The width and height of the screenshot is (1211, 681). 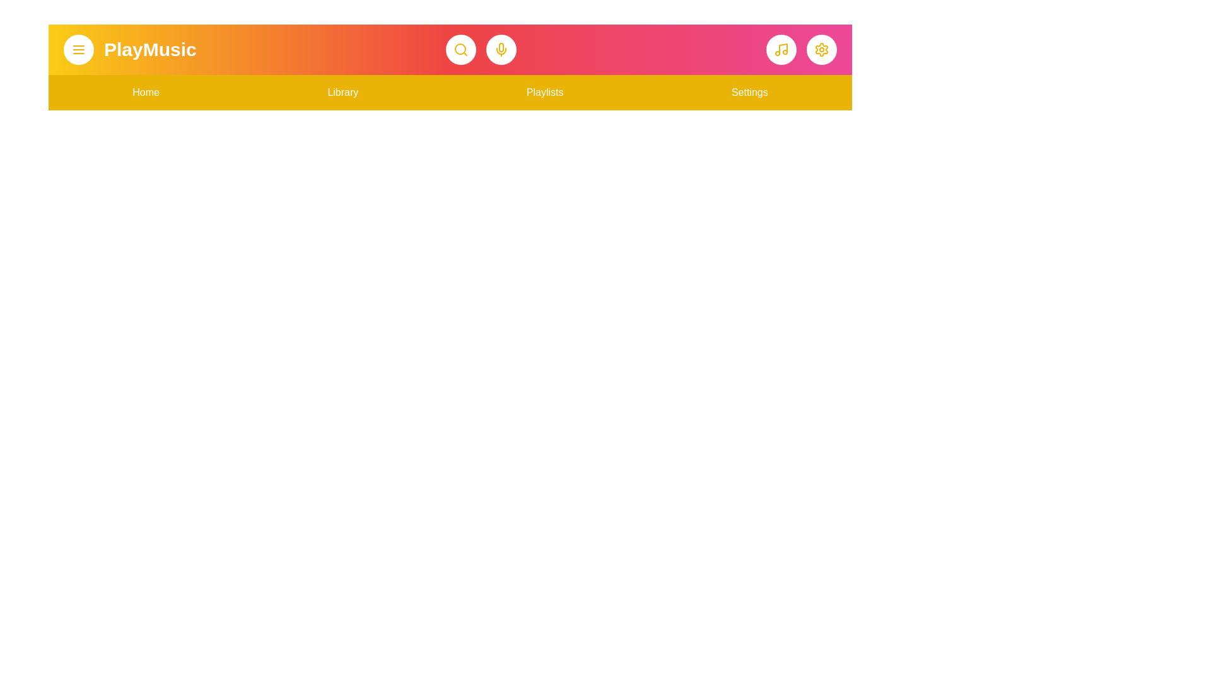 What do you see at coordinates (78, 49) in the screenshot?
I see `the menu button to toggle the menu visibility` at bounding box center [78, 49].